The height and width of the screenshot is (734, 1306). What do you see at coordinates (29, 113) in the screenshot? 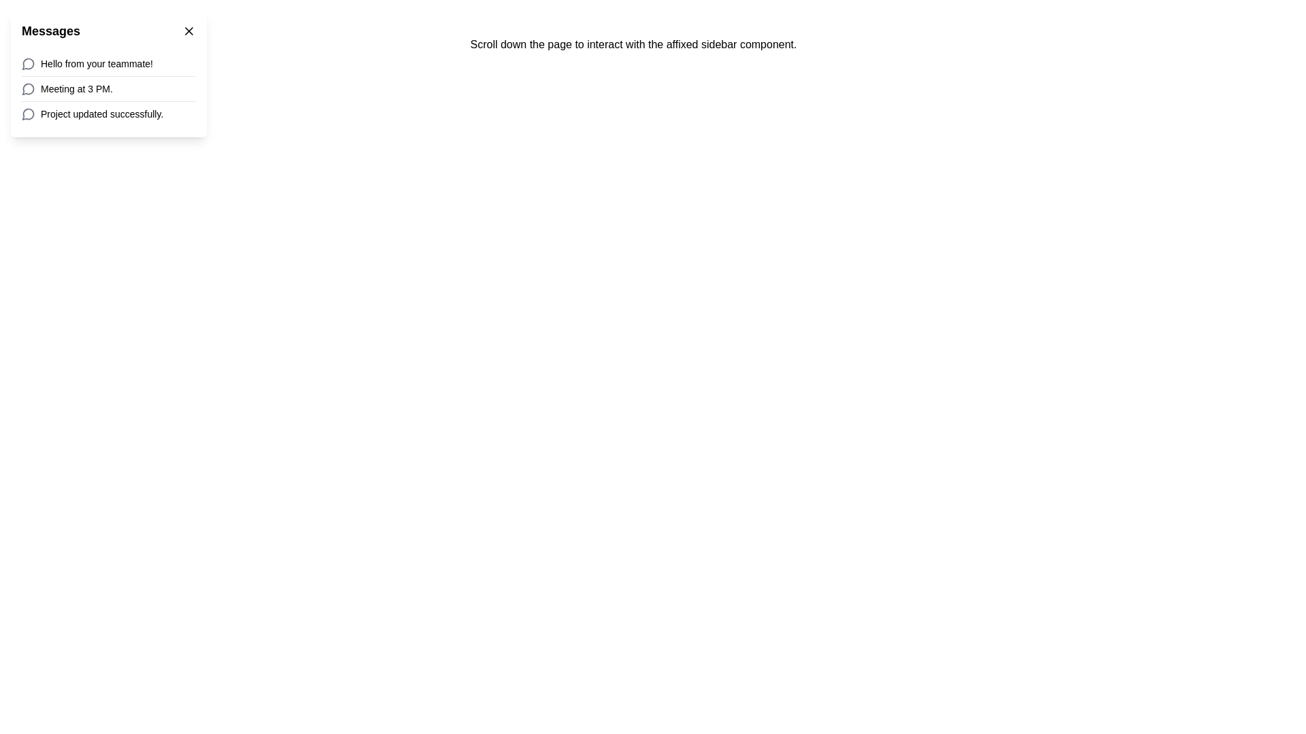
I see `the decorative icon positioned to the left of the notification message that reads 'Project updated successfully.'` at bounding box center [29, 113].